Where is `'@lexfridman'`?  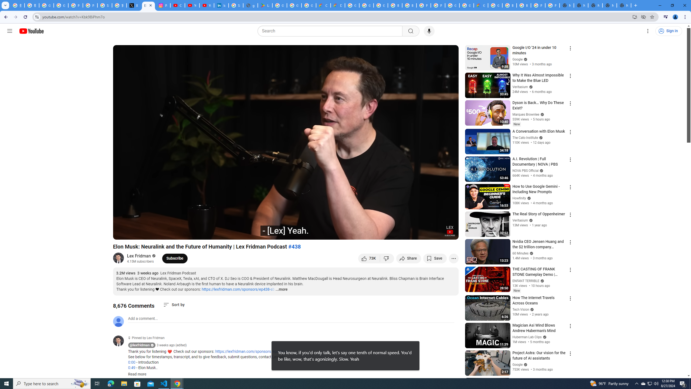 '@lexfridman' is located at coordinates (140, 345).